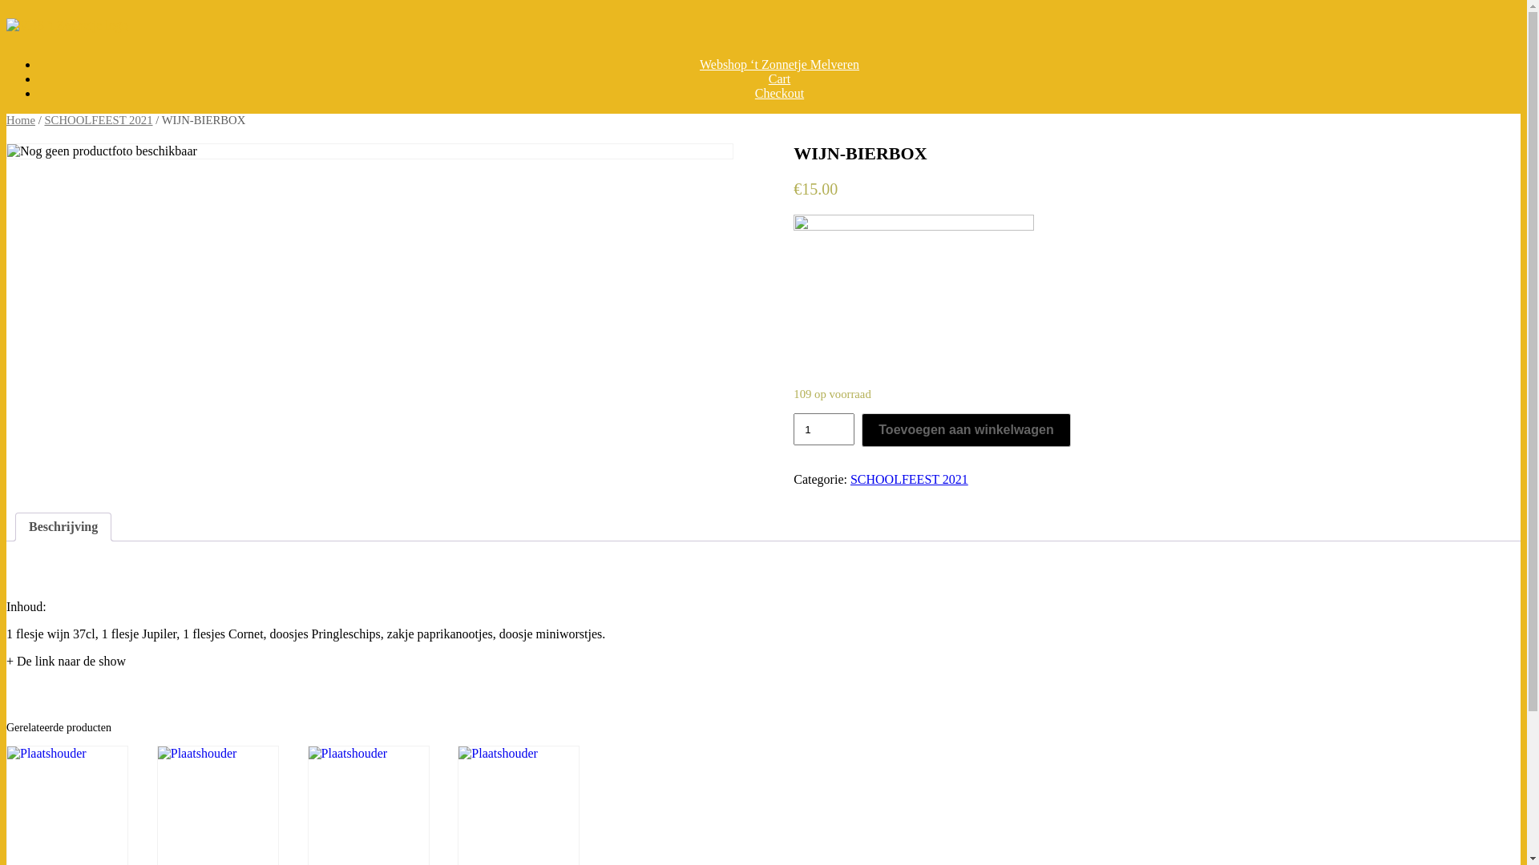 The width and height of the screenshot is (1539, 865). Describe the element at coordinates (861, 428) in the screenshot. I see `'Toevoegen aan winkelwagen'` at that location.